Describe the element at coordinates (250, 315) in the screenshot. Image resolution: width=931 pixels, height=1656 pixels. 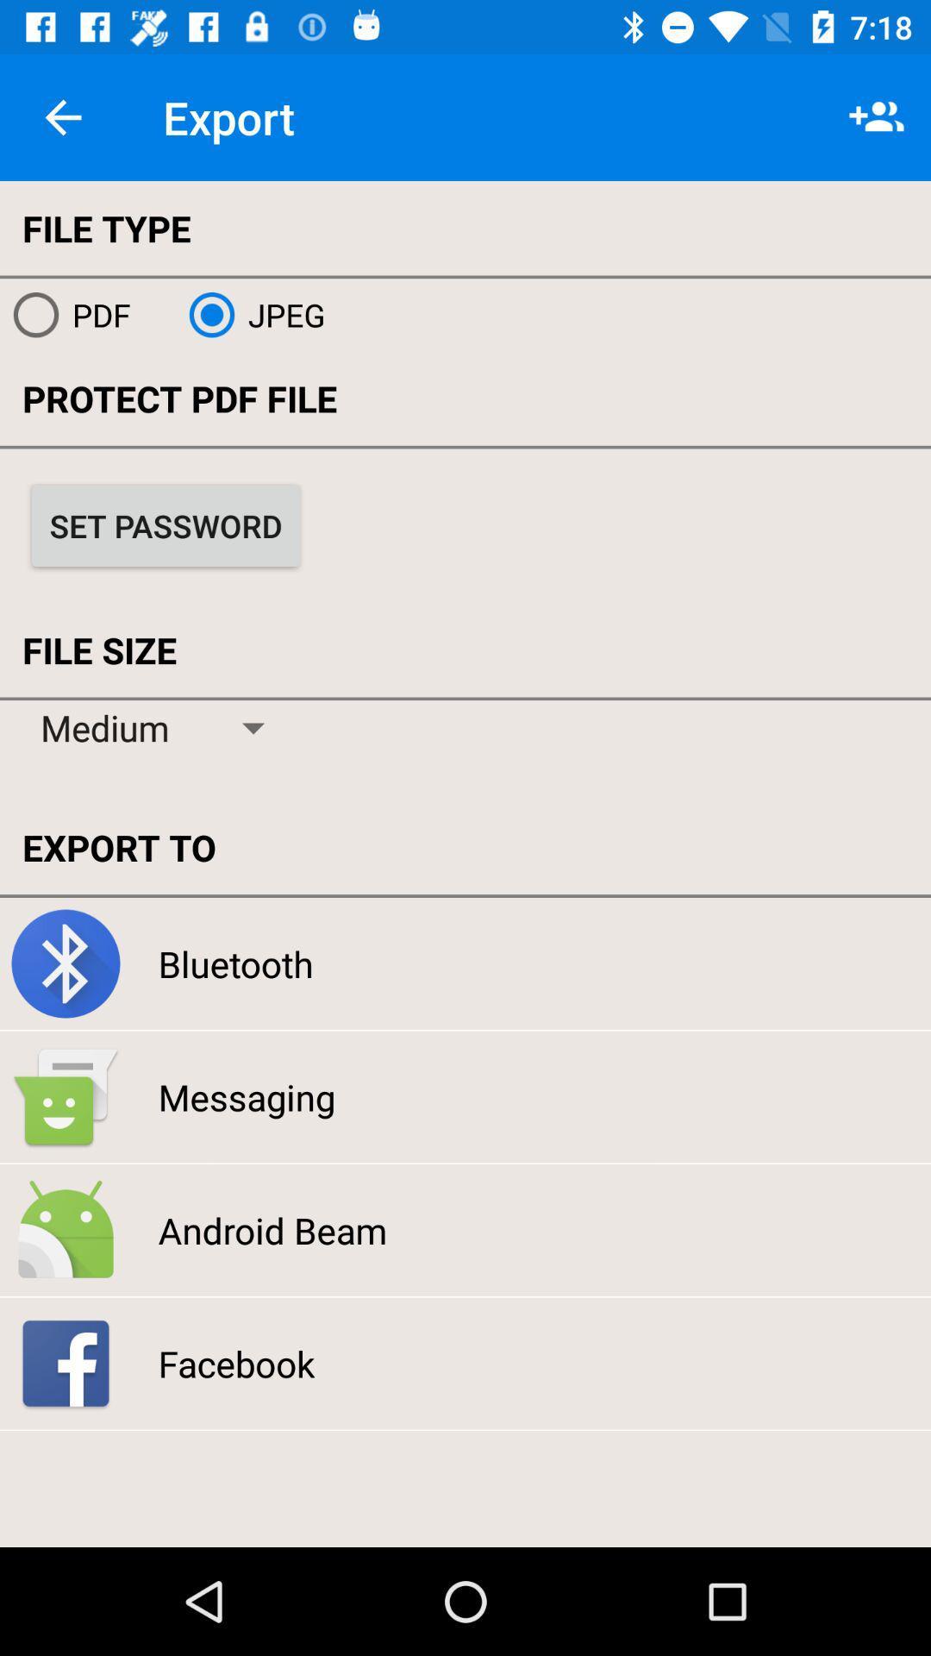
I see `the jpeg icon` at that location.